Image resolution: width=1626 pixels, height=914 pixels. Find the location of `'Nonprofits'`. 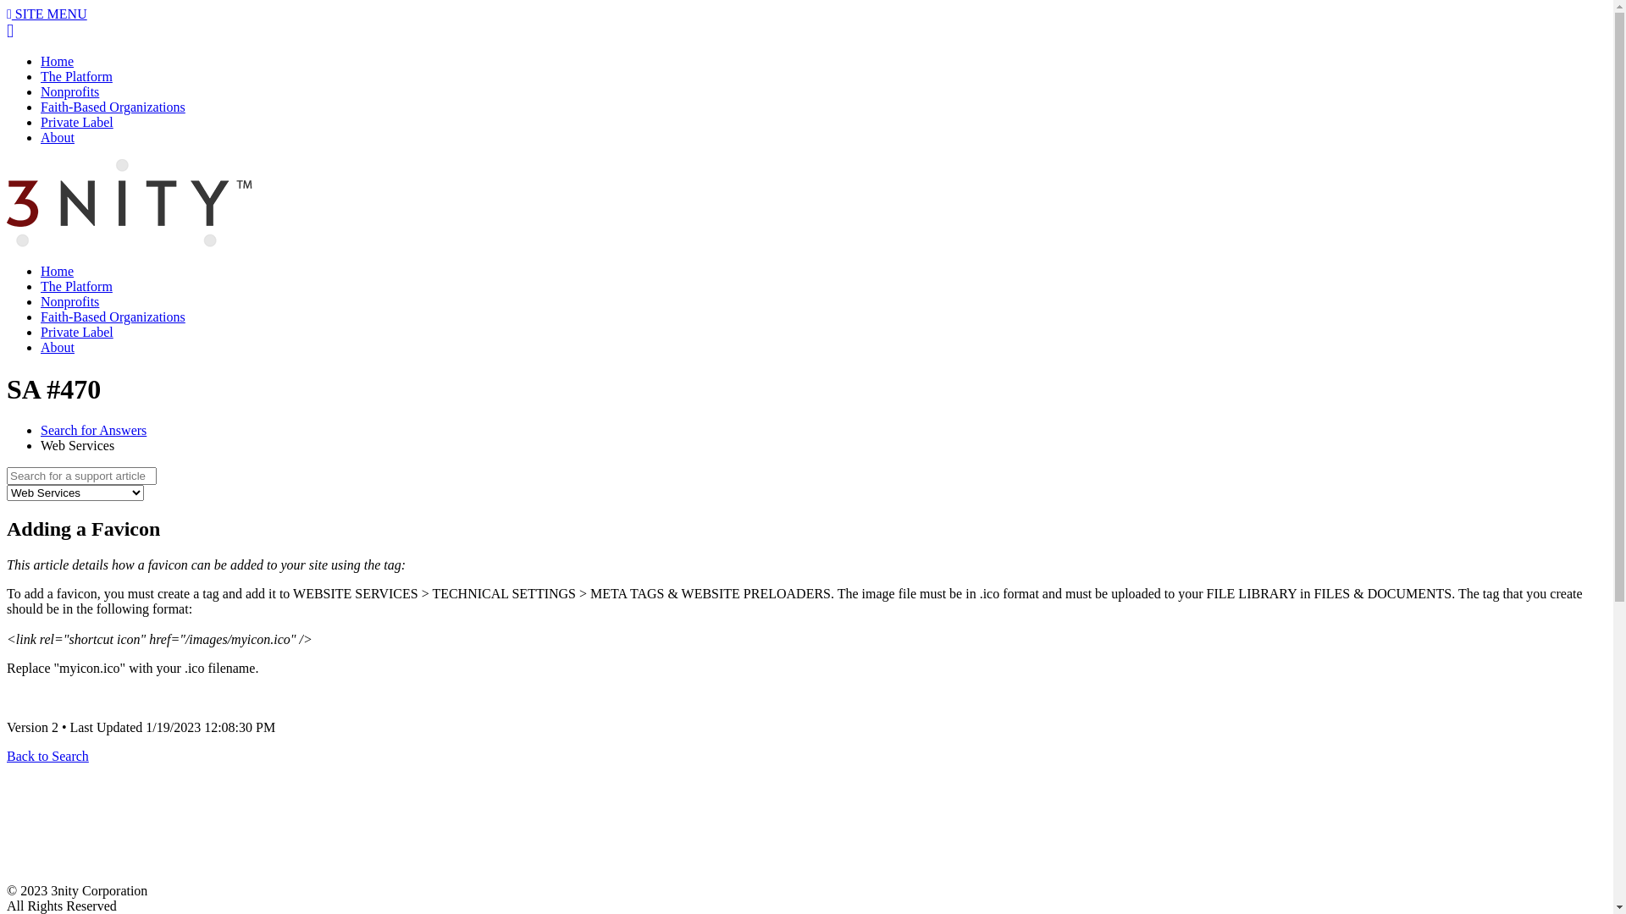

'Nonprofits' is located at coordinates (69, 300).